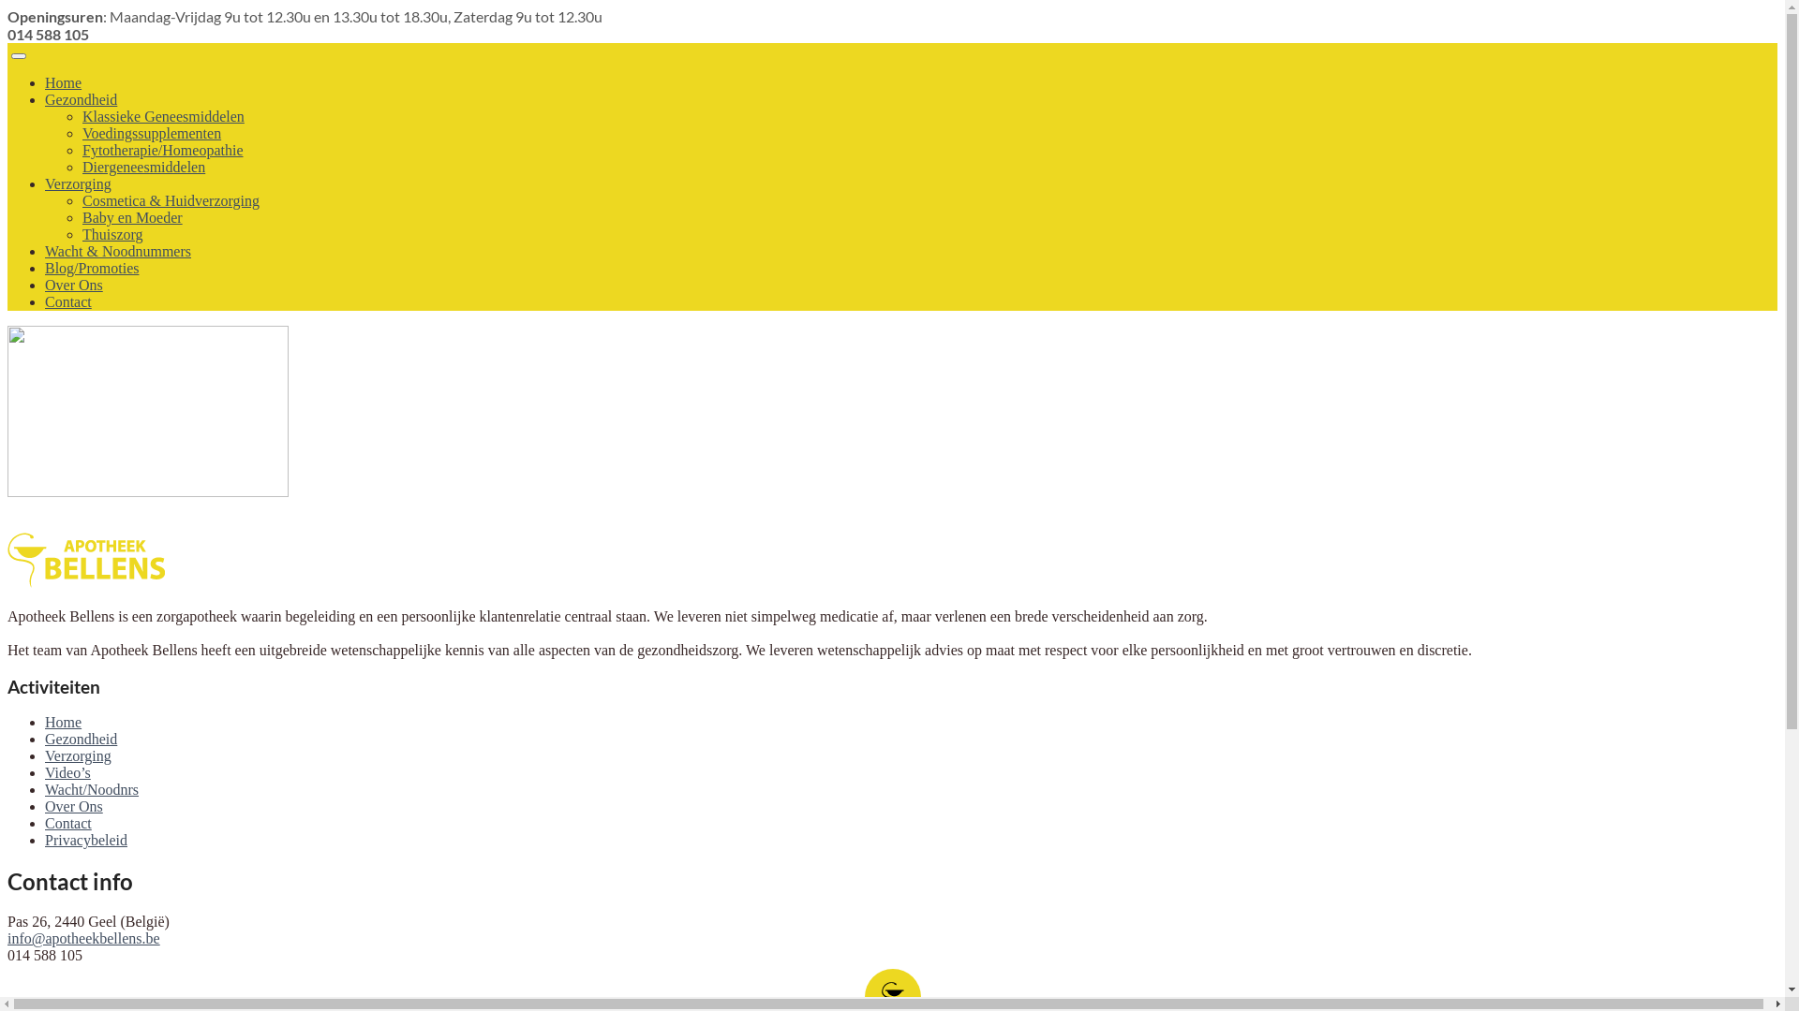 The width and height of the screenshot is (1799, 1011). I want to click on 'Verzorging', so click(77, 755).